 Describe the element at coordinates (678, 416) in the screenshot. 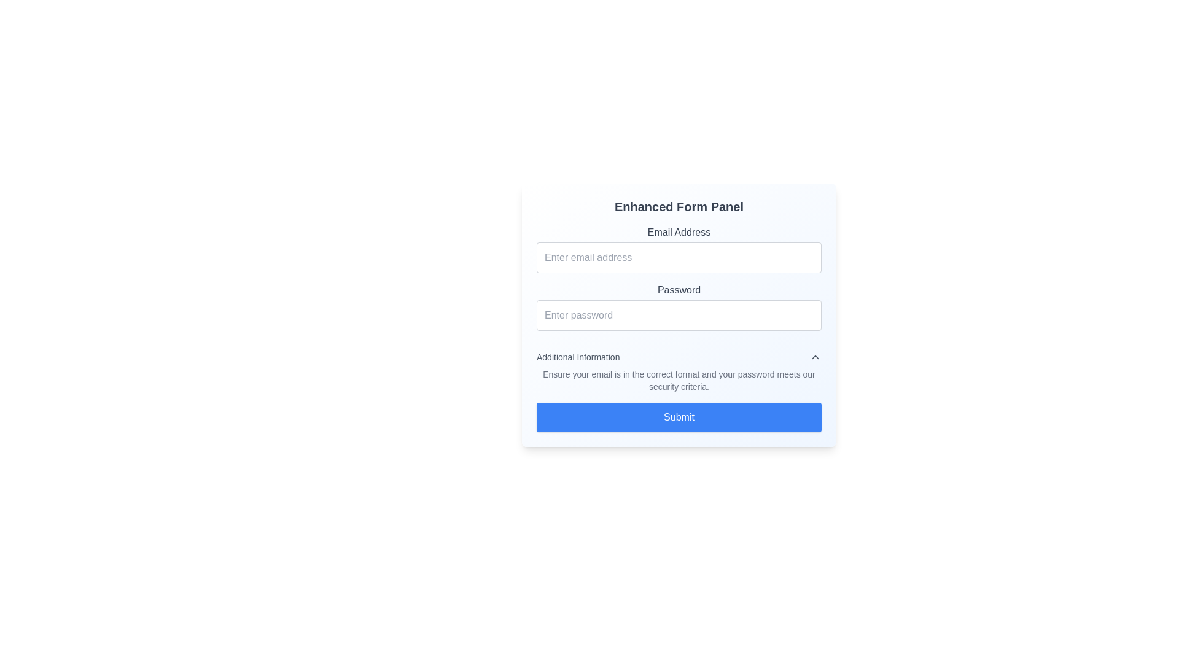

I see `the 'Submit' button, which is a horizontally elongated rectangle with a blue background and white text, located at the bottom of the form layout` at that location.